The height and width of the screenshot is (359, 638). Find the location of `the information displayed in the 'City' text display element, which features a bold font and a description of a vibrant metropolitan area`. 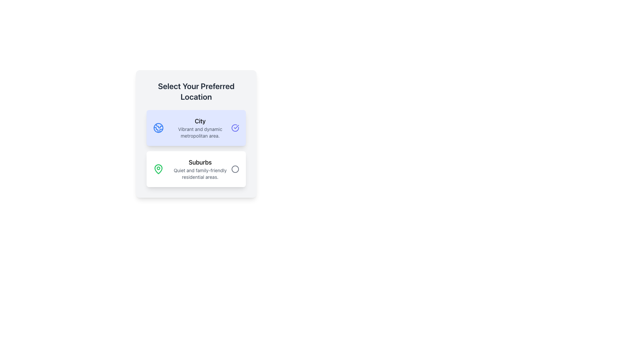

the information displayed in the 'City' text display element, which features a bold font and a description of a vibrant metropolitan area is located at coordinates (200, 128).